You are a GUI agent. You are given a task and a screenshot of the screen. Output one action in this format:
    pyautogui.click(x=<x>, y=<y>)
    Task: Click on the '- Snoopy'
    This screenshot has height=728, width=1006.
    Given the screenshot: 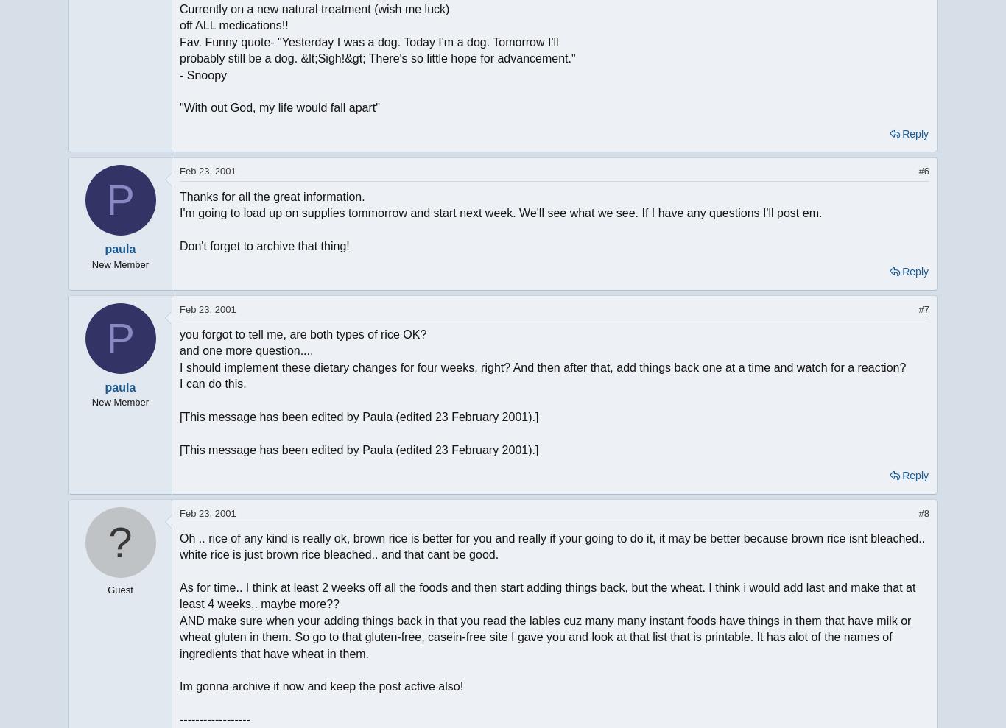 What is the action you would take?
    pyautogui.click(x=203, y=74)
    